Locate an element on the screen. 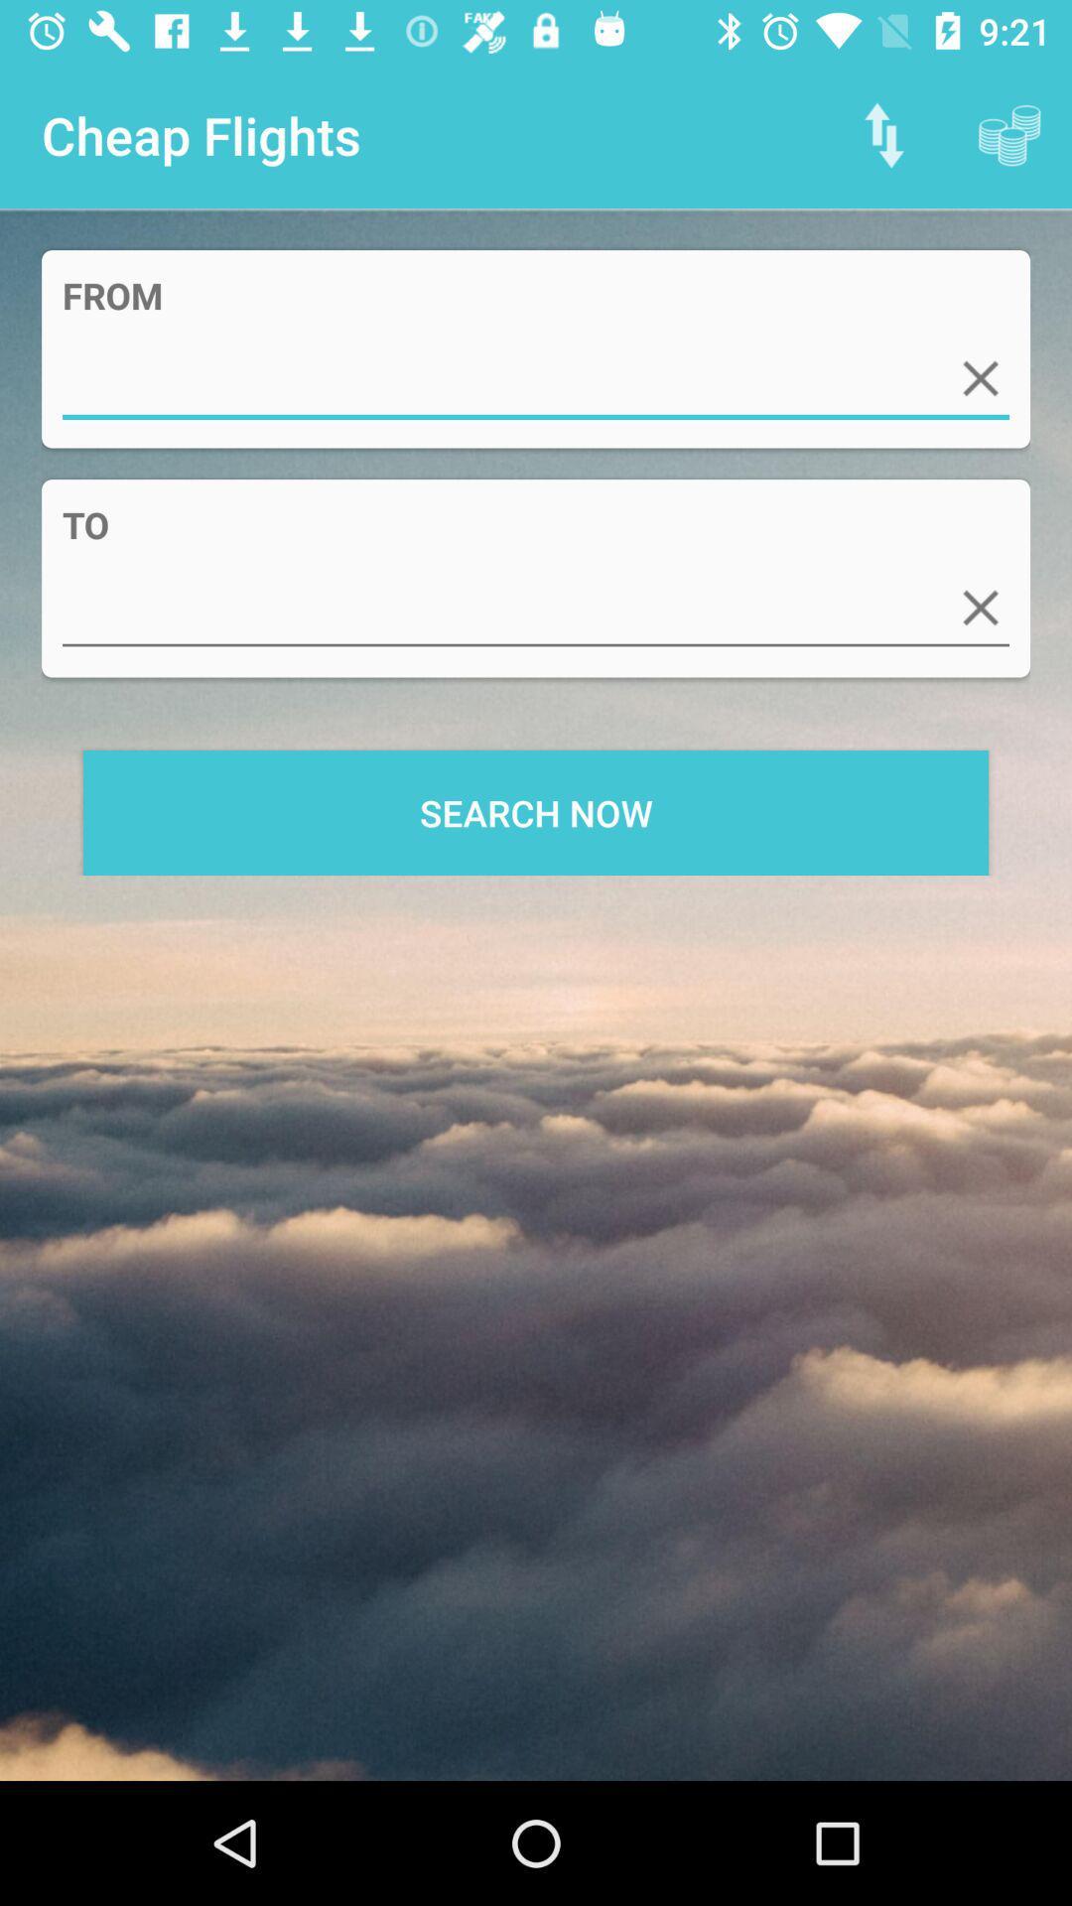 This screenshot has height=1906, width=1072. option is located at coordinates (980, 607).